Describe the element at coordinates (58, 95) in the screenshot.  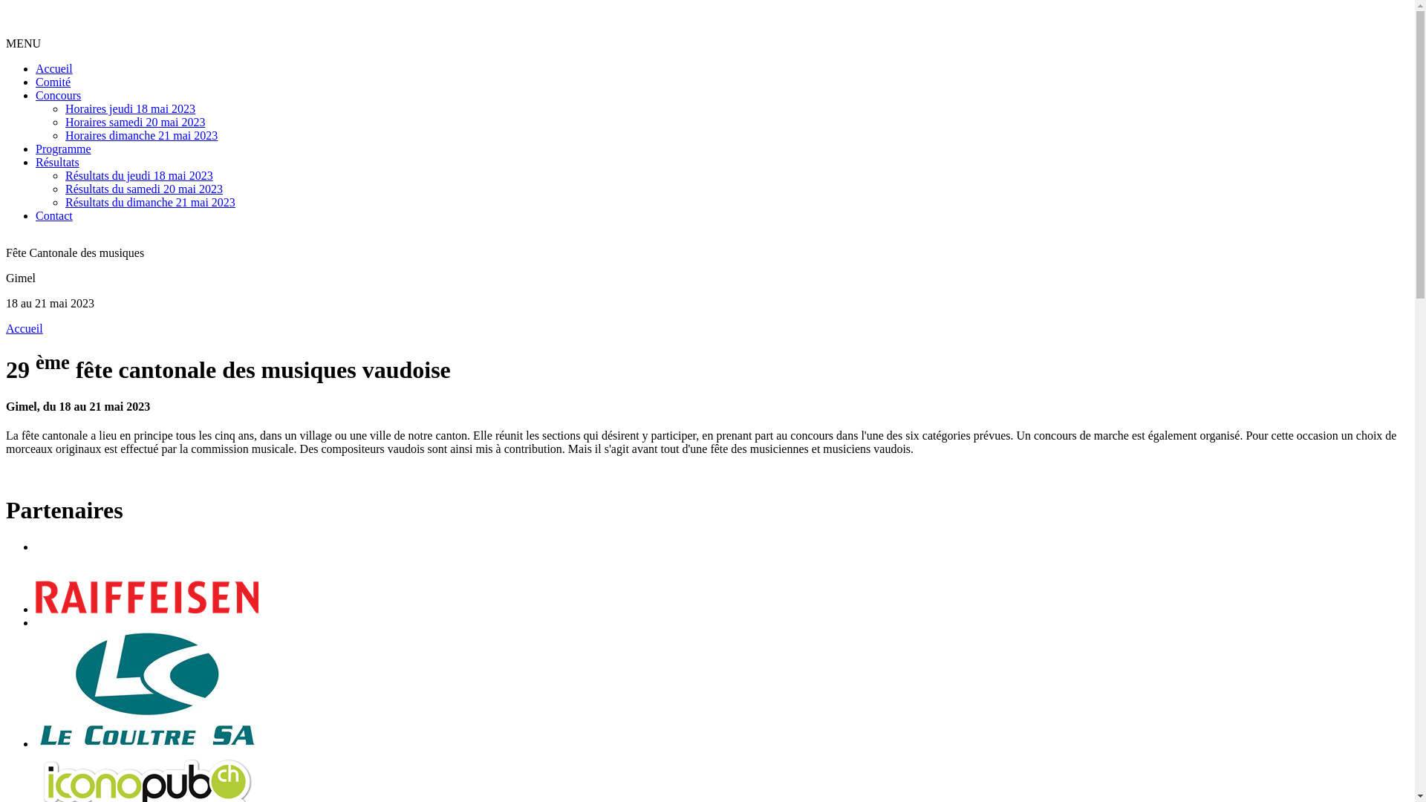
I see `'Concours'` at that location.